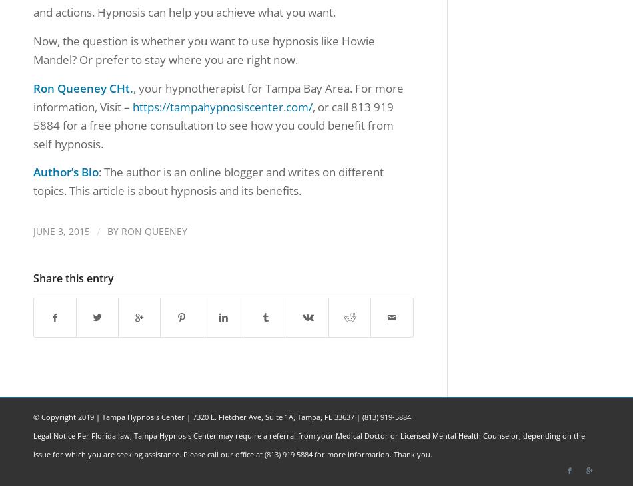 The image size is (633, 486). Describe the element at coordinates (213, 124) in the screenshot. I see `', or call 813 919 5884 for a free phone consultation to see how you could benefit from self hypnosis.'` at that location.